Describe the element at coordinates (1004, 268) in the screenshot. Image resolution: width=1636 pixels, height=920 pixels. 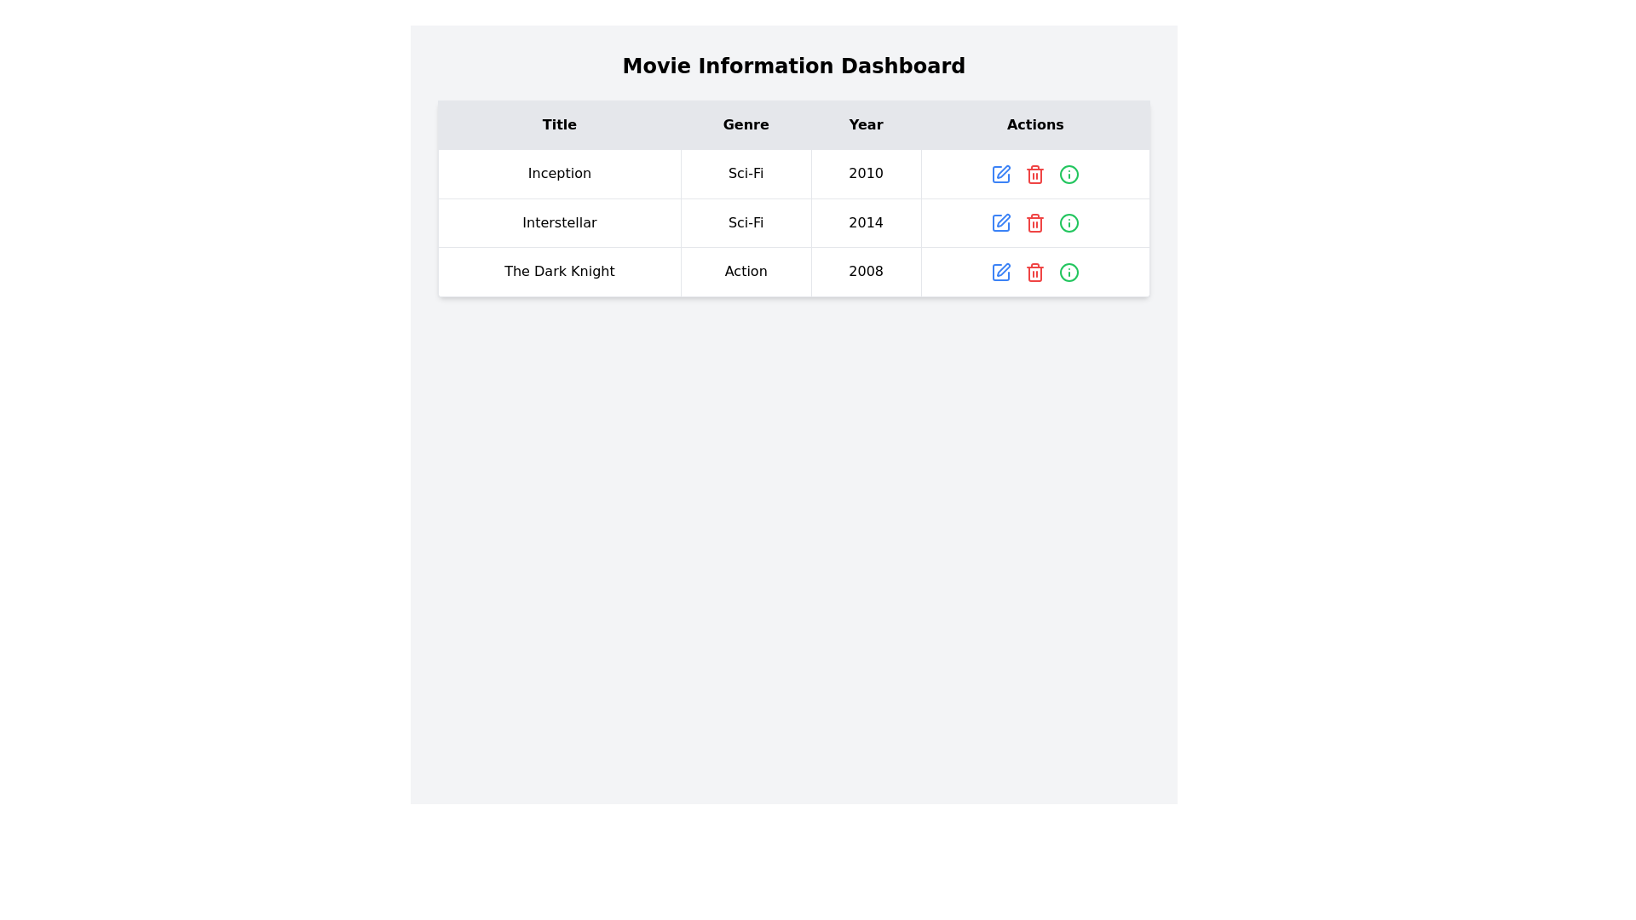
I see `the edit icon in the 'Actions' column of the third row of the table` at that location.